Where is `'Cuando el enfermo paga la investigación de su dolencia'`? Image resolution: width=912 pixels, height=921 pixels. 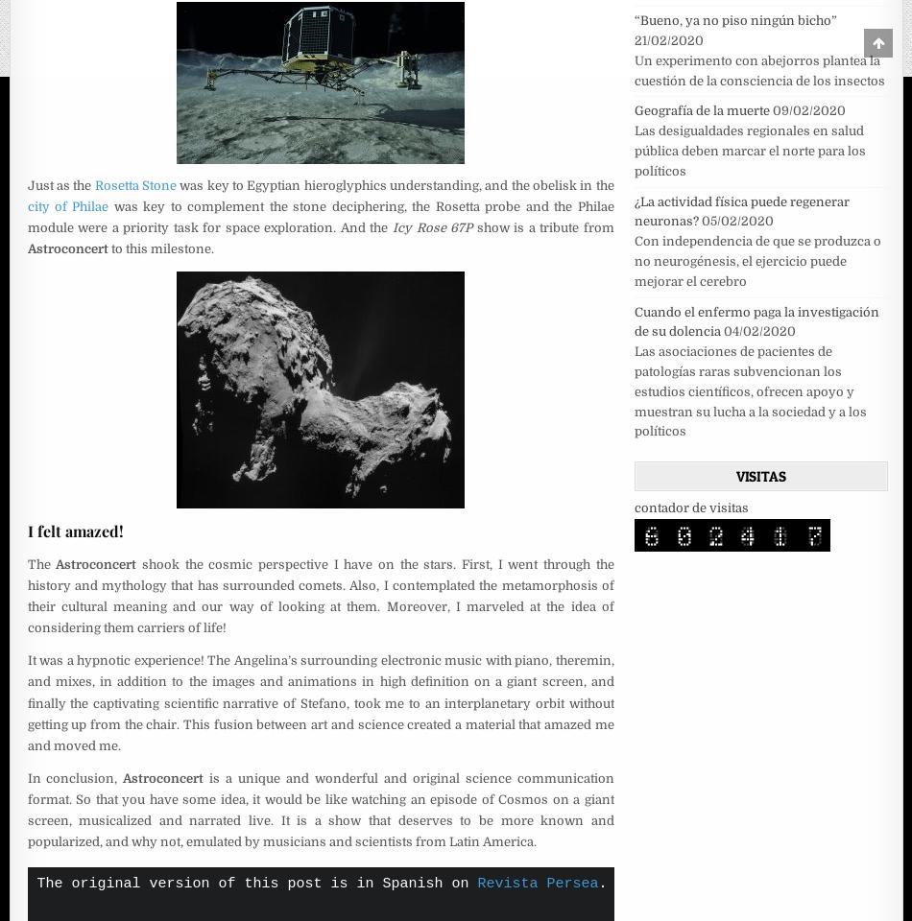
'Cuando el enfermo paga la investigación de su dolencia' is located at coordinates (755, 321).